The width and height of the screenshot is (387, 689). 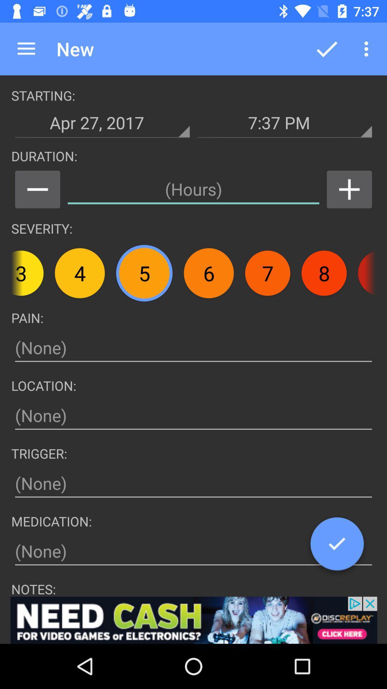 What do you see at coordinates (349, 189) in the screenshot?
I see `the contact` at bounding box center [349, 189].